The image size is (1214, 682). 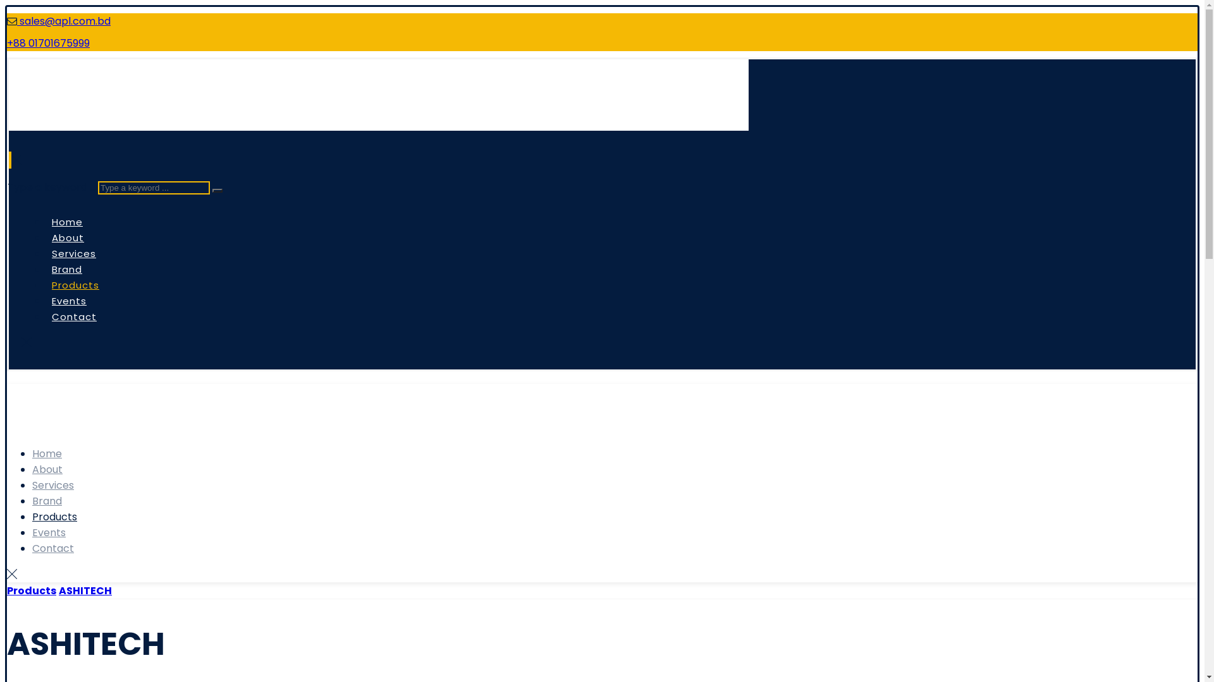 I want to click on 'Home', so click(x=47, y=453).